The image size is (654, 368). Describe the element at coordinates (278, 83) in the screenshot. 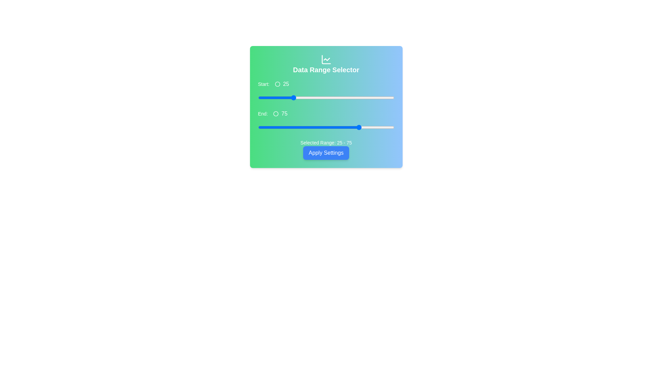

I see `the small, circular icon with a thin border that is positioned adjacent to the text 'Start:' and '25', which is part of the 'Data Range Selector' panel` at that location.